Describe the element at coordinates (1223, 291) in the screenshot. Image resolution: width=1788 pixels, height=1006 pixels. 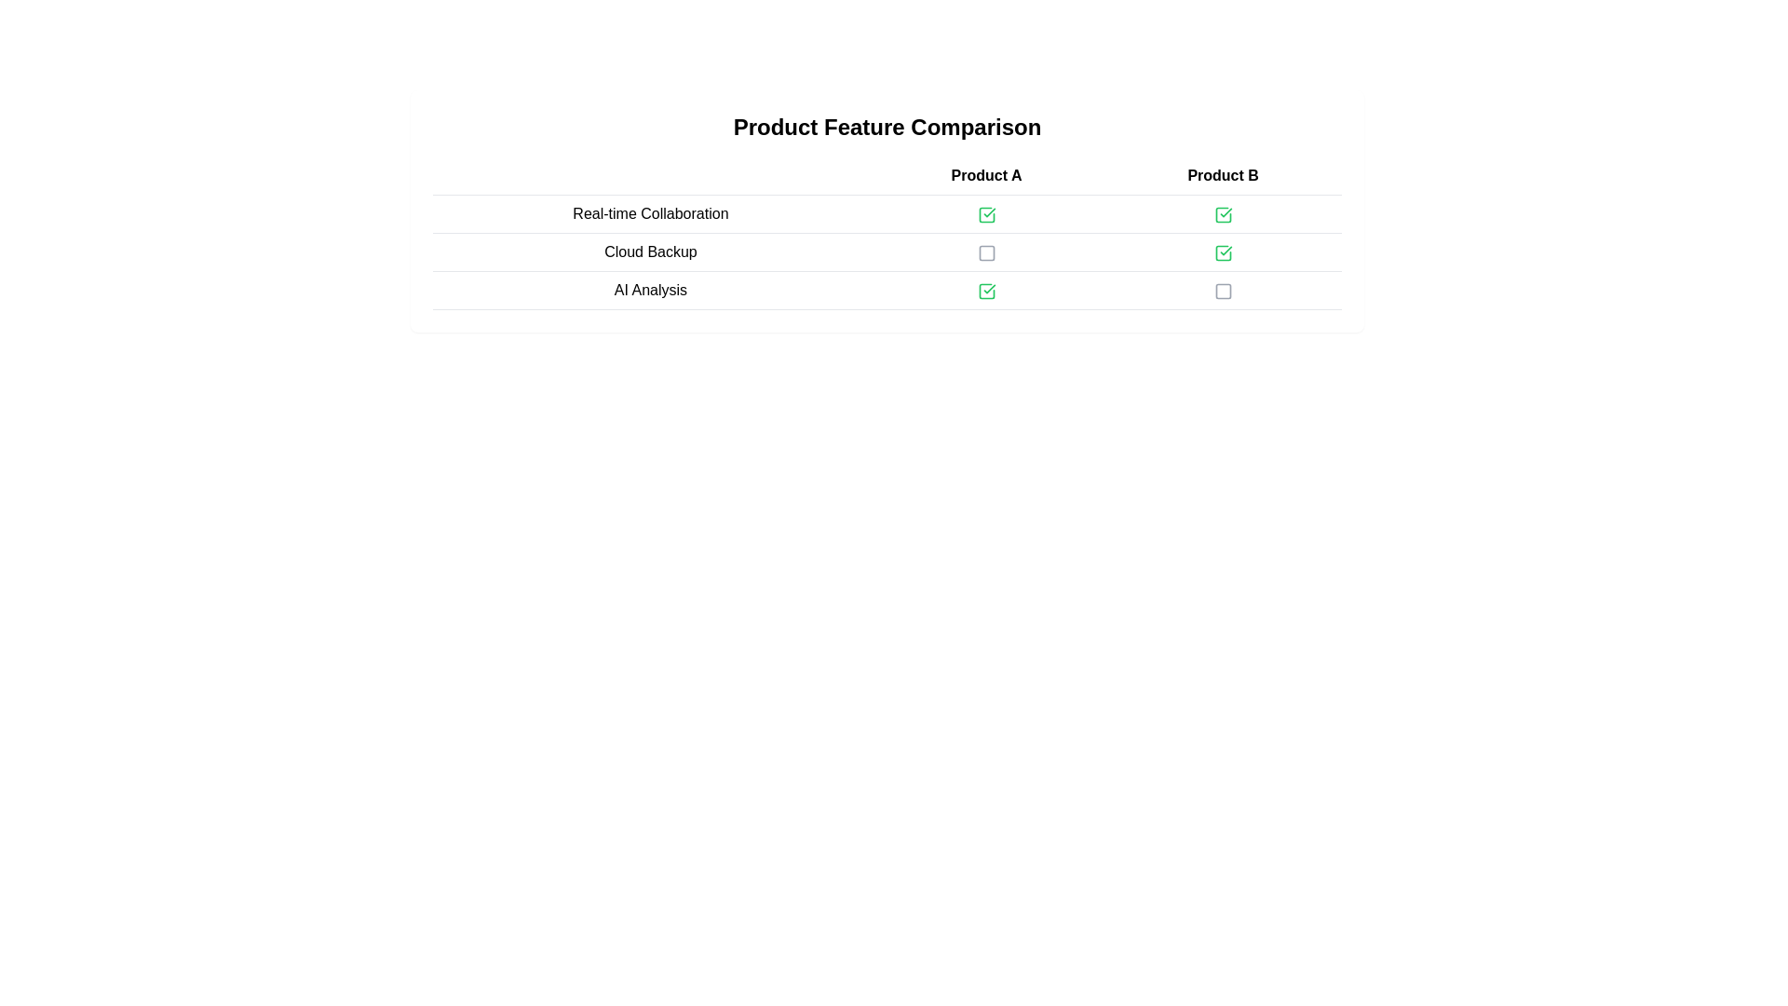
I see `the square icon representing the state in the third row and third column of the comparison table under 'Product B' and adjacent to 'AI Analysis'` at that location.